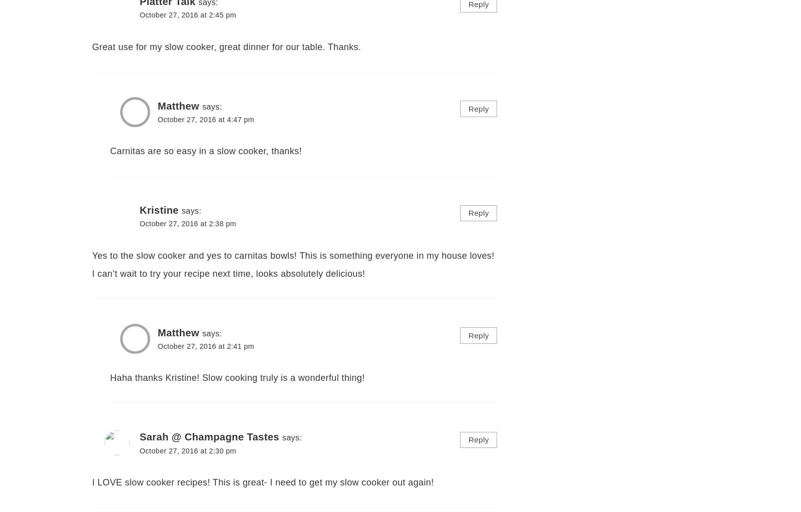 The width and height of the screenshot is (801, 512). I want to click on 'October 27, 2016 at 4:47 pm', so click(205, 119).